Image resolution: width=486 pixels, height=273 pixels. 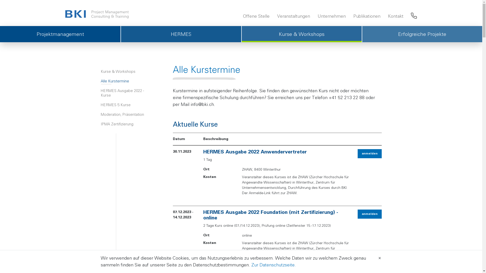 What do you see at coordinates (127, 124) in the screenshot?
I see `'IPMA Zertifizierung'` at bounding box center [127, 124].